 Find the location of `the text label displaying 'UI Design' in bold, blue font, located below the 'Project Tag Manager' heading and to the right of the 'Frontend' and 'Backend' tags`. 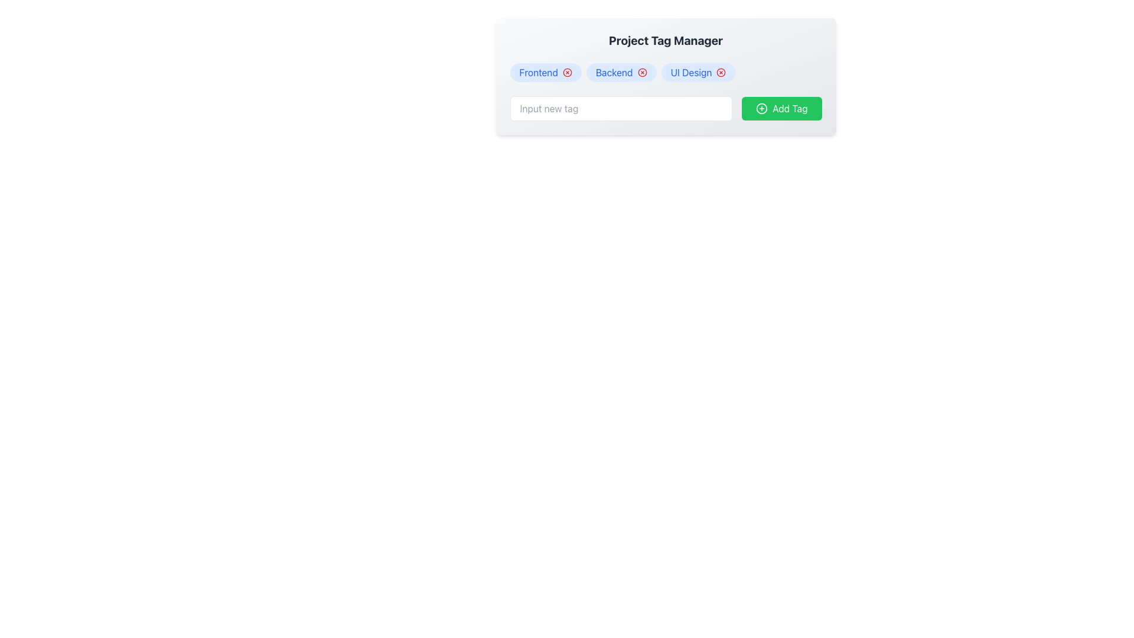

the text label displaying 'UI Design' in bold, blue font, located below the 'Project Tag Manager' heading and to the right of the 'Frontend' and 'Backend' tags is located at coordinates (691, 73).